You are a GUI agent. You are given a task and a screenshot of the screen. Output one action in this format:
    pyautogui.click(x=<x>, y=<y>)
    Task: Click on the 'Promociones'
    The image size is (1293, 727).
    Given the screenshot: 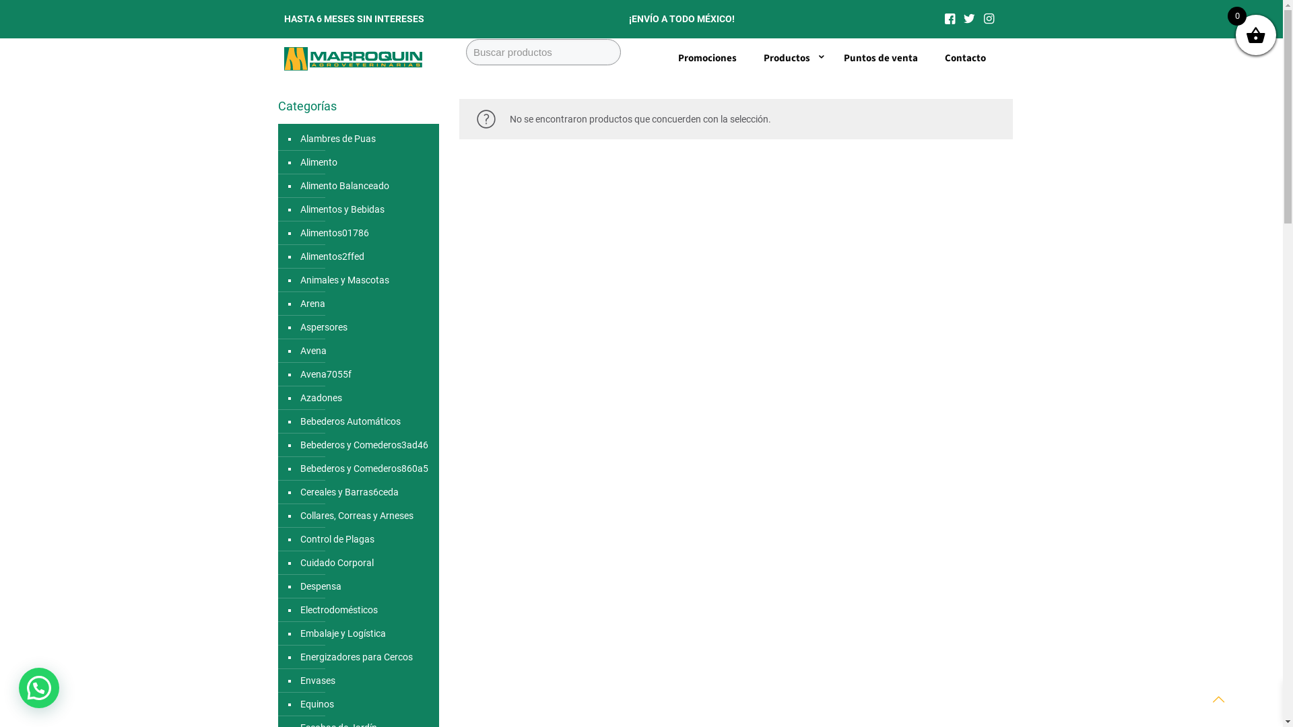 What is the action you would take?
    pyautogui.click(x=706, y=58)
    